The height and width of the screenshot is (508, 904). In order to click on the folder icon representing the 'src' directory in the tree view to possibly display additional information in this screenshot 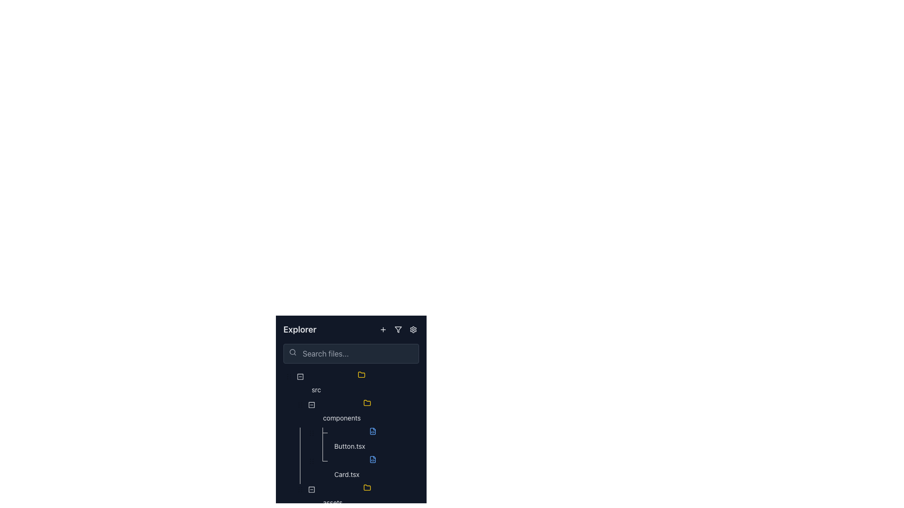, I will do `click(363, 376)`.